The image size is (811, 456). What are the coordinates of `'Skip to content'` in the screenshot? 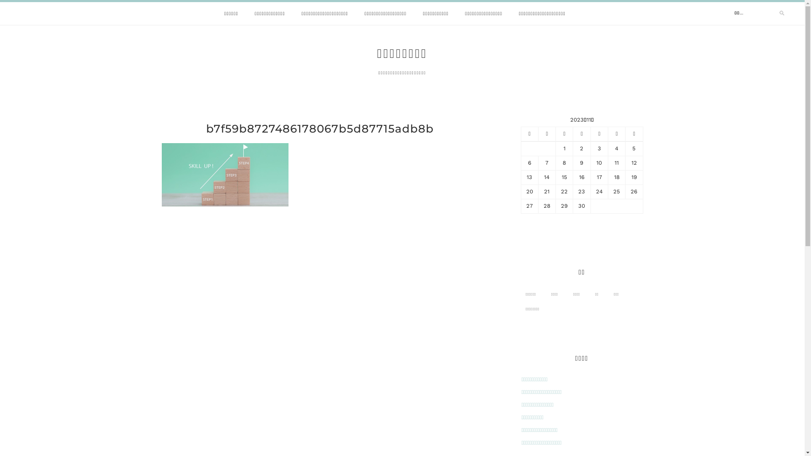 It's located at (0, 0).